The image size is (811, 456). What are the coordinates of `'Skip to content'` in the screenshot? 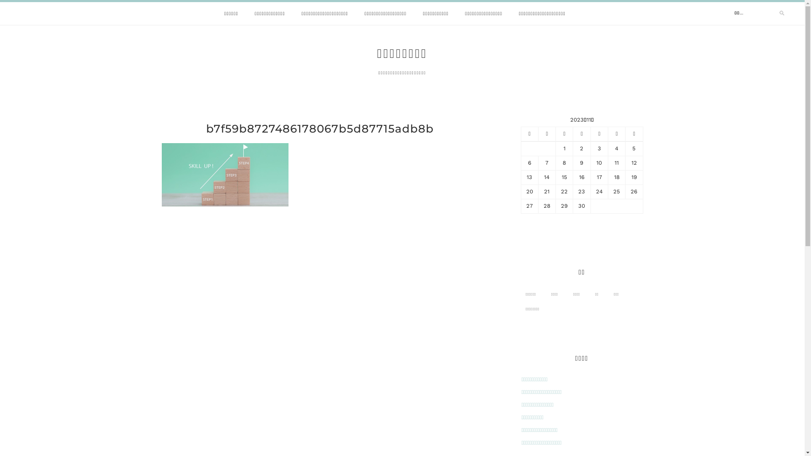 It's located at (0, 0).